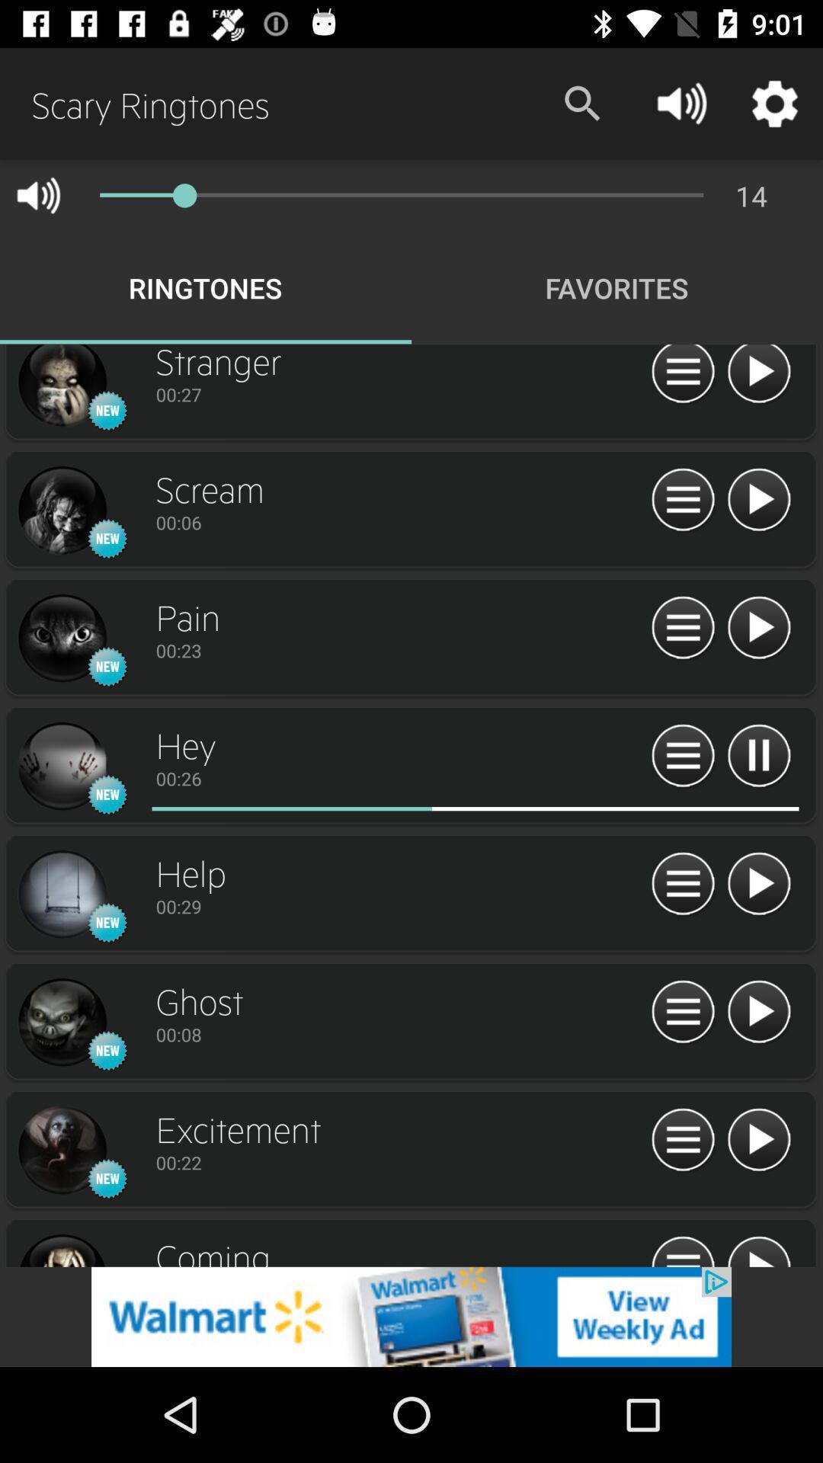  What do you see at coordinates (682, 757) in the screenshot?
I see `more options` at bounding box center [682, 757].